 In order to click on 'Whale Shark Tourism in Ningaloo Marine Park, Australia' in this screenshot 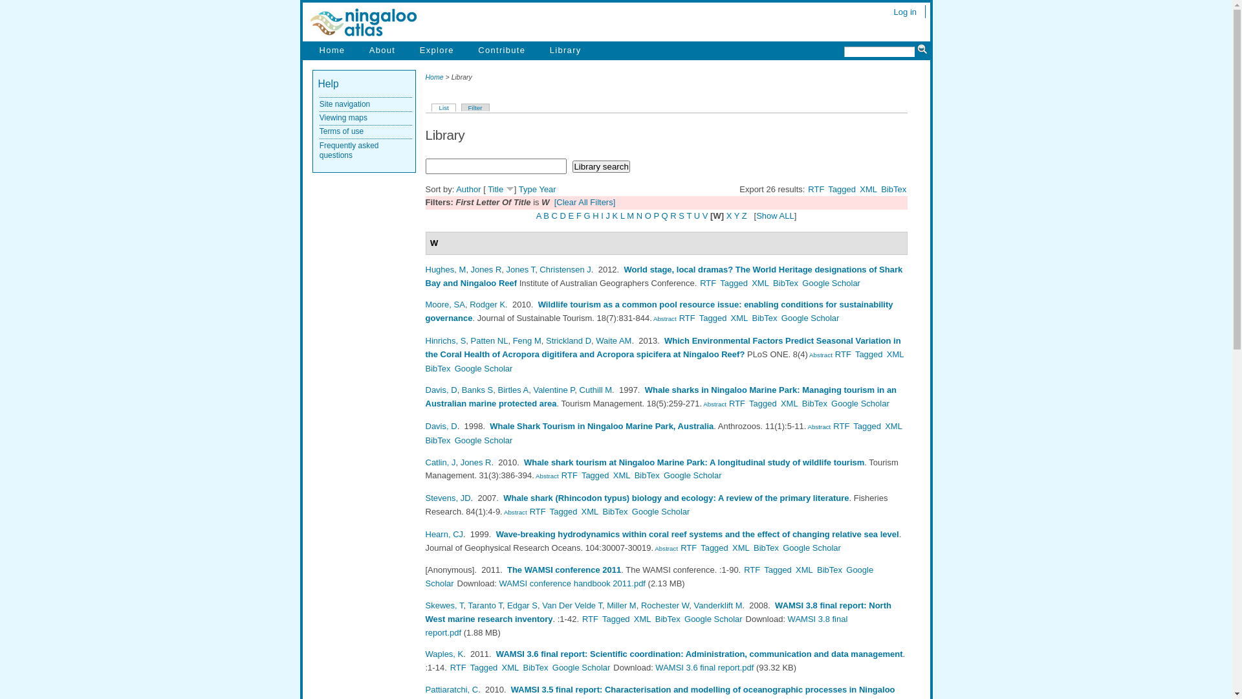, I will do `click(601, 426)`.